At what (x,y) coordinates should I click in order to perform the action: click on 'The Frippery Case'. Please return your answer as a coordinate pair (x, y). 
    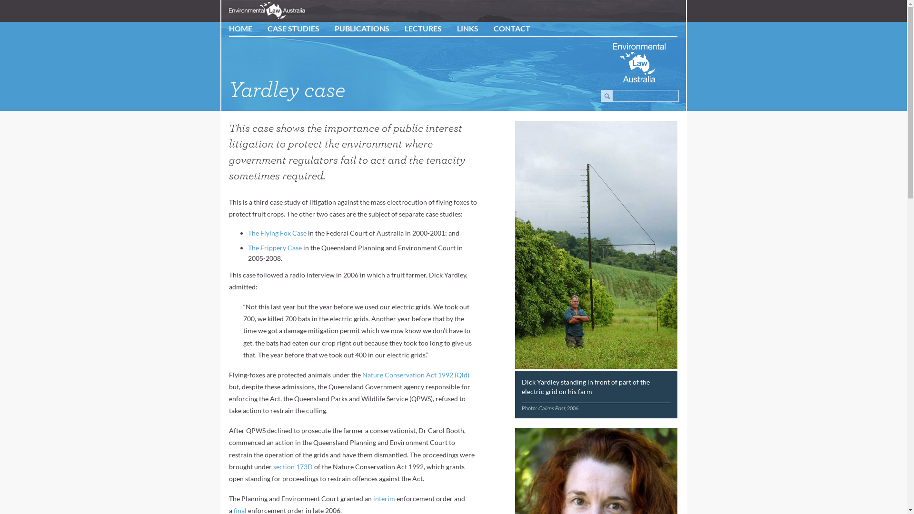
    Looking at the image, I should click on (274, 247).